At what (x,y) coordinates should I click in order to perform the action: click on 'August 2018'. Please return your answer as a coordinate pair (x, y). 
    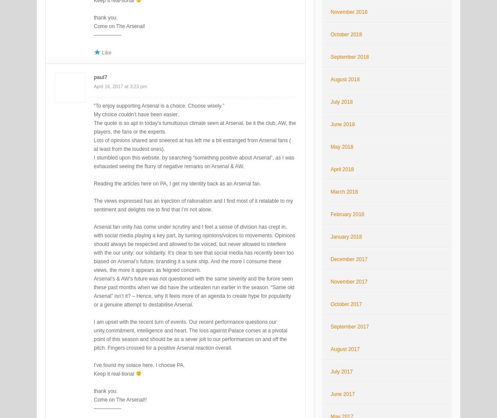
    Looking at the image, I should click on (330, 80).